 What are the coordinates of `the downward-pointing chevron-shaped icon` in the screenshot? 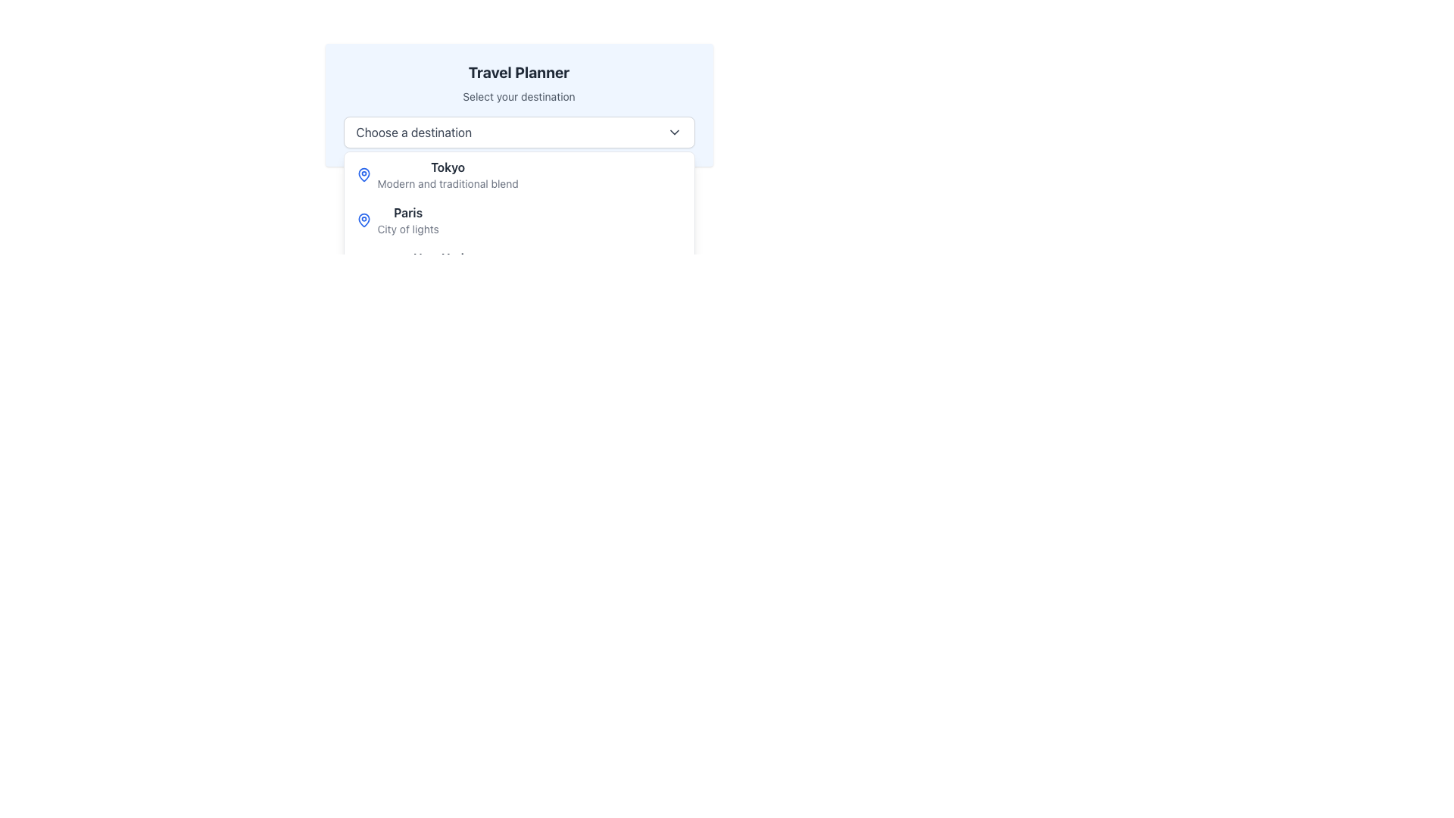 It's located at (673, 131).